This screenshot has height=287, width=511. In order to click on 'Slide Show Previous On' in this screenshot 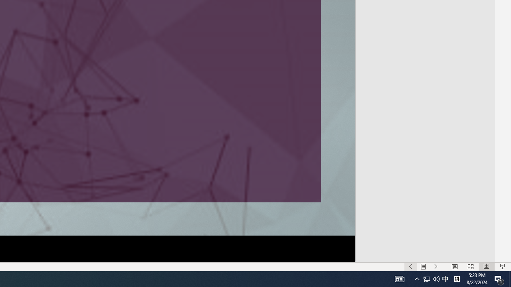, I will do `click(410, 267)`.